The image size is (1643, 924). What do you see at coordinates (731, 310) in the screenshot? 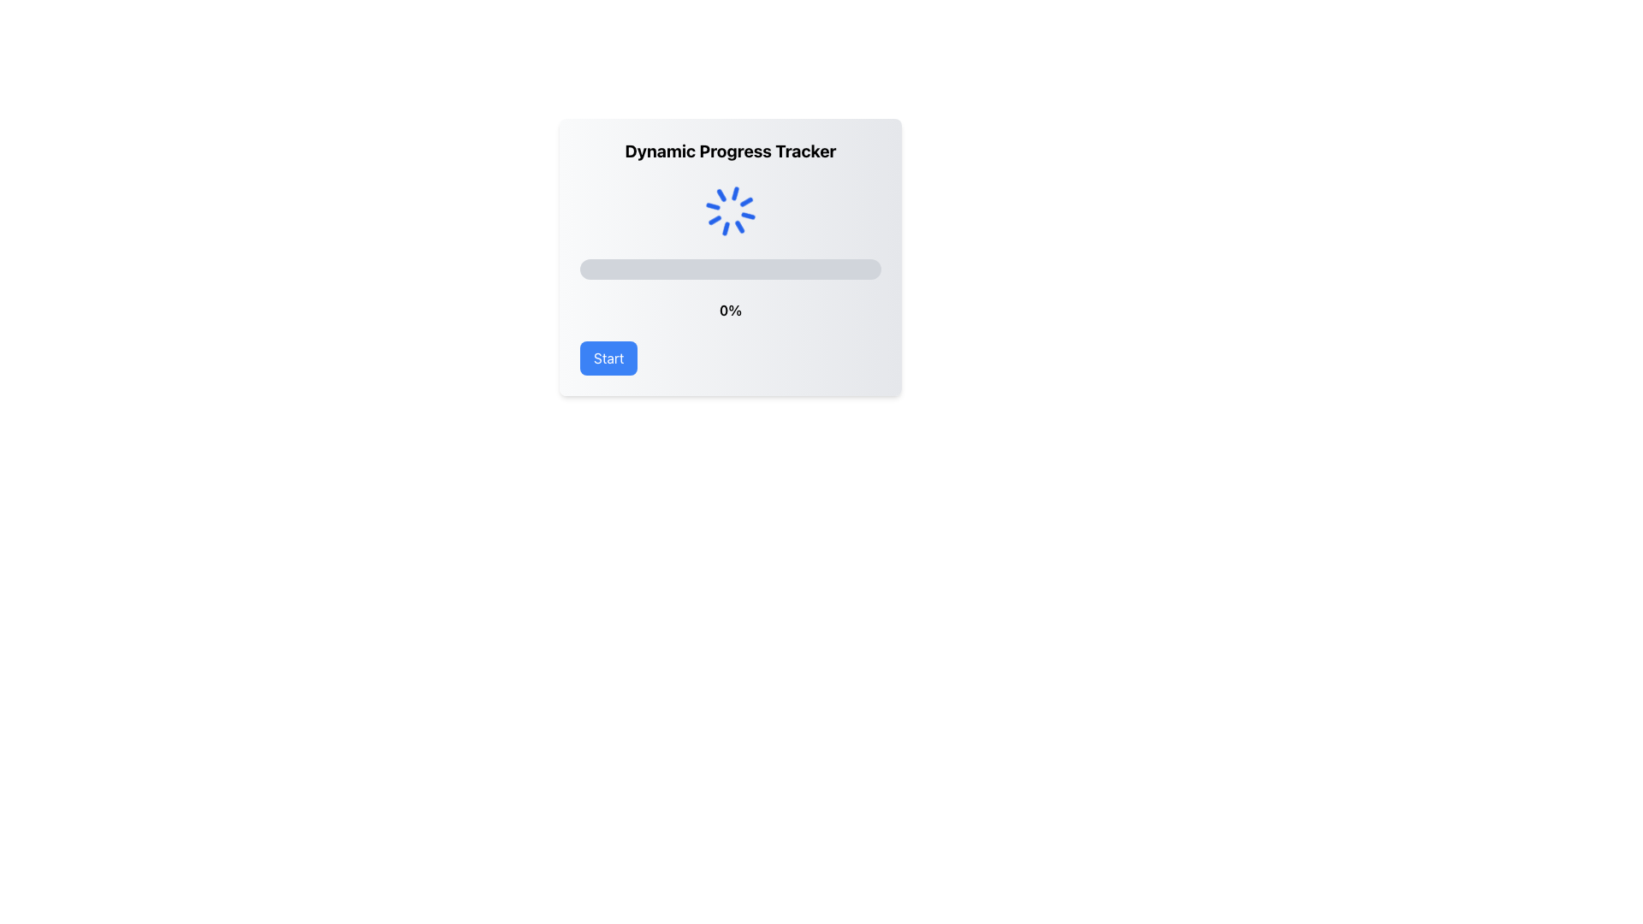
I see `the static text displaying '0%' which is positioned below the progress bar in the 'Dynamic Progress Tracker' UI component` at bounding box center [731, 310].